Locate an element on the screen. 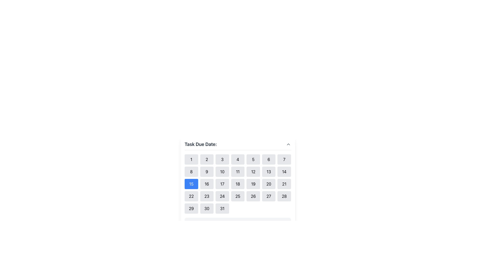 This screenshot has width=491, height=276. the button in the calendar interface that allows the user is located at coordinates (207, 171).